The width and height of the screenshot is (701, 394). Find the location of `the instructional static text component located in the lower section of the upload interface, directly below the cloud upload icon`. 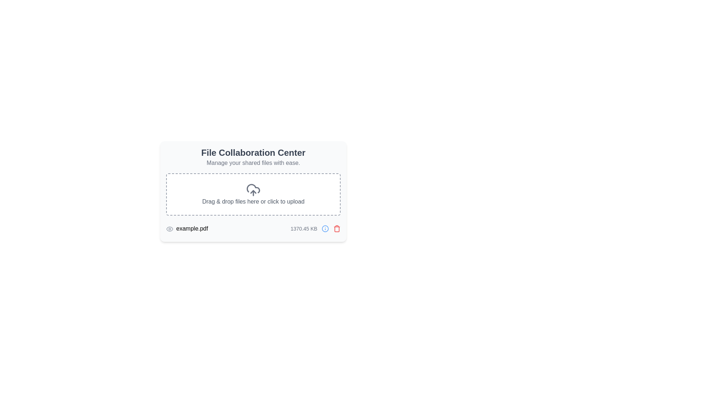

the instructional static text component located in the lower section of the upload interface, directly below the cloud upload icon is located at coordinates (253, 201).